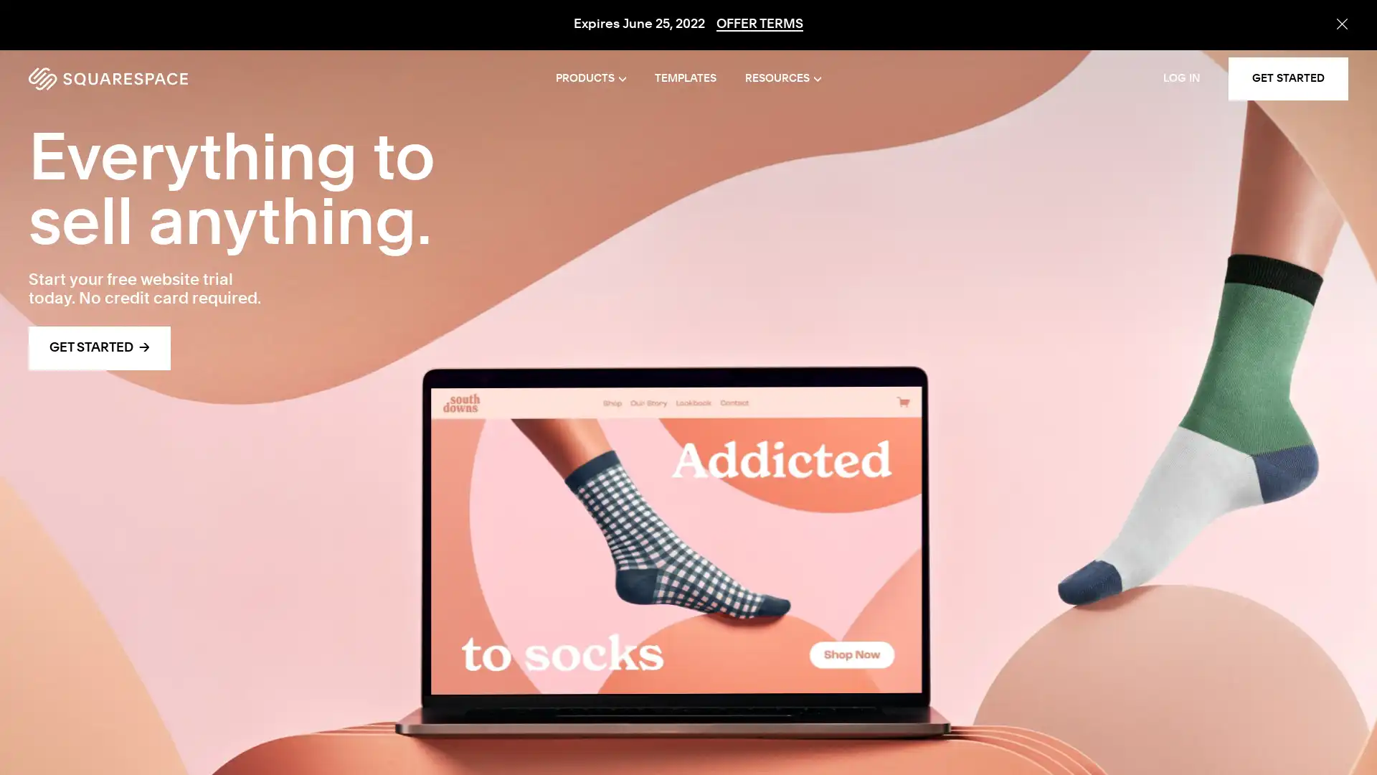  What do you see at coordinates (782, 79) in the screenshot?
I see `Resources dropdown menu` at bounding box center [782, 79].